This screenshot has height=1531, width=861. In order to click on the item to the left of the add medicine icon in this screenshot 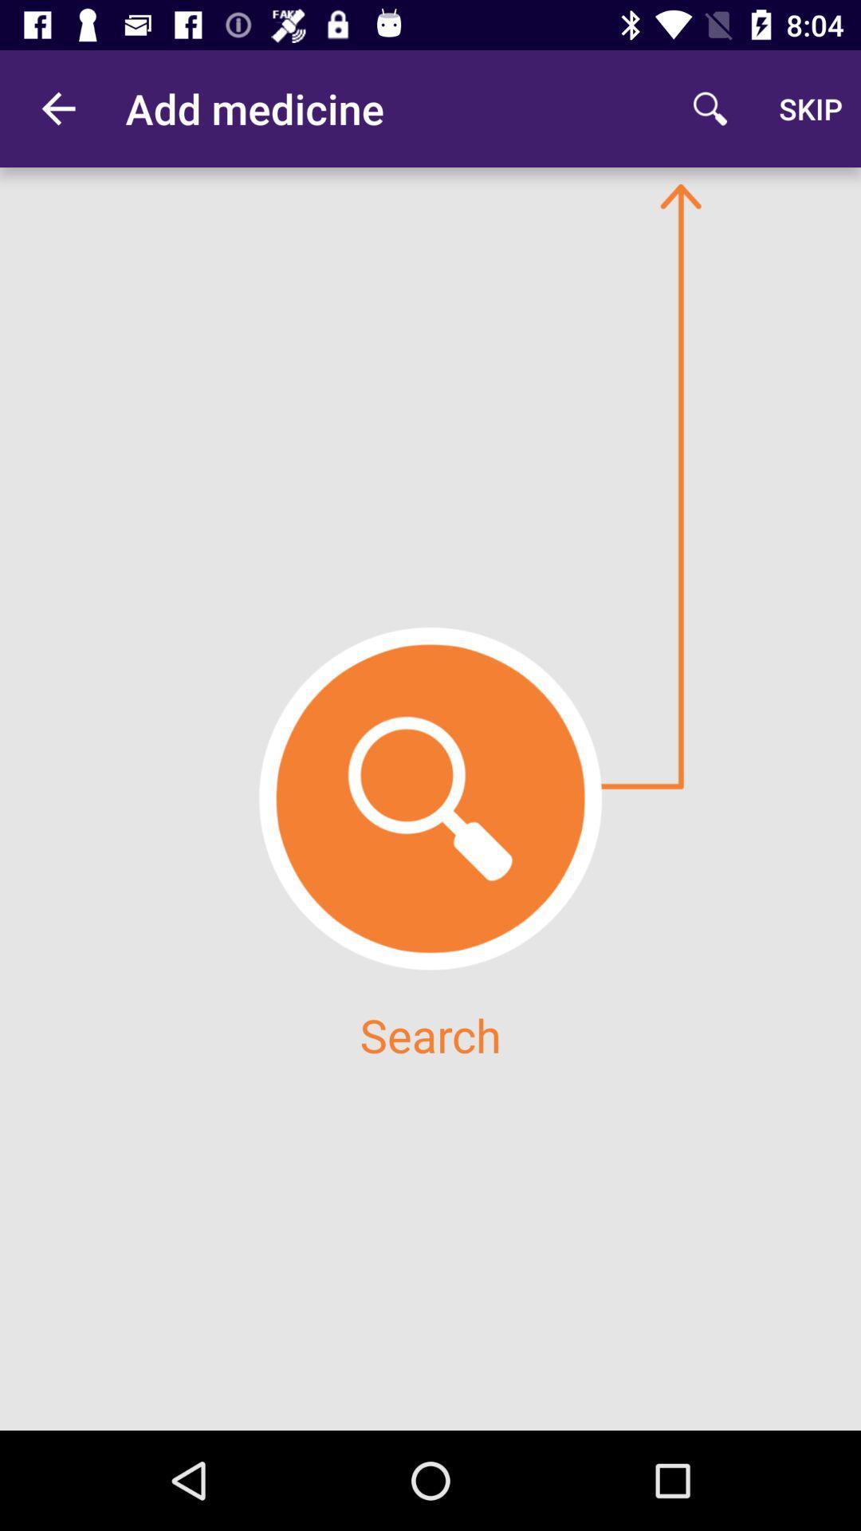, I will do `click(57, 108)`.